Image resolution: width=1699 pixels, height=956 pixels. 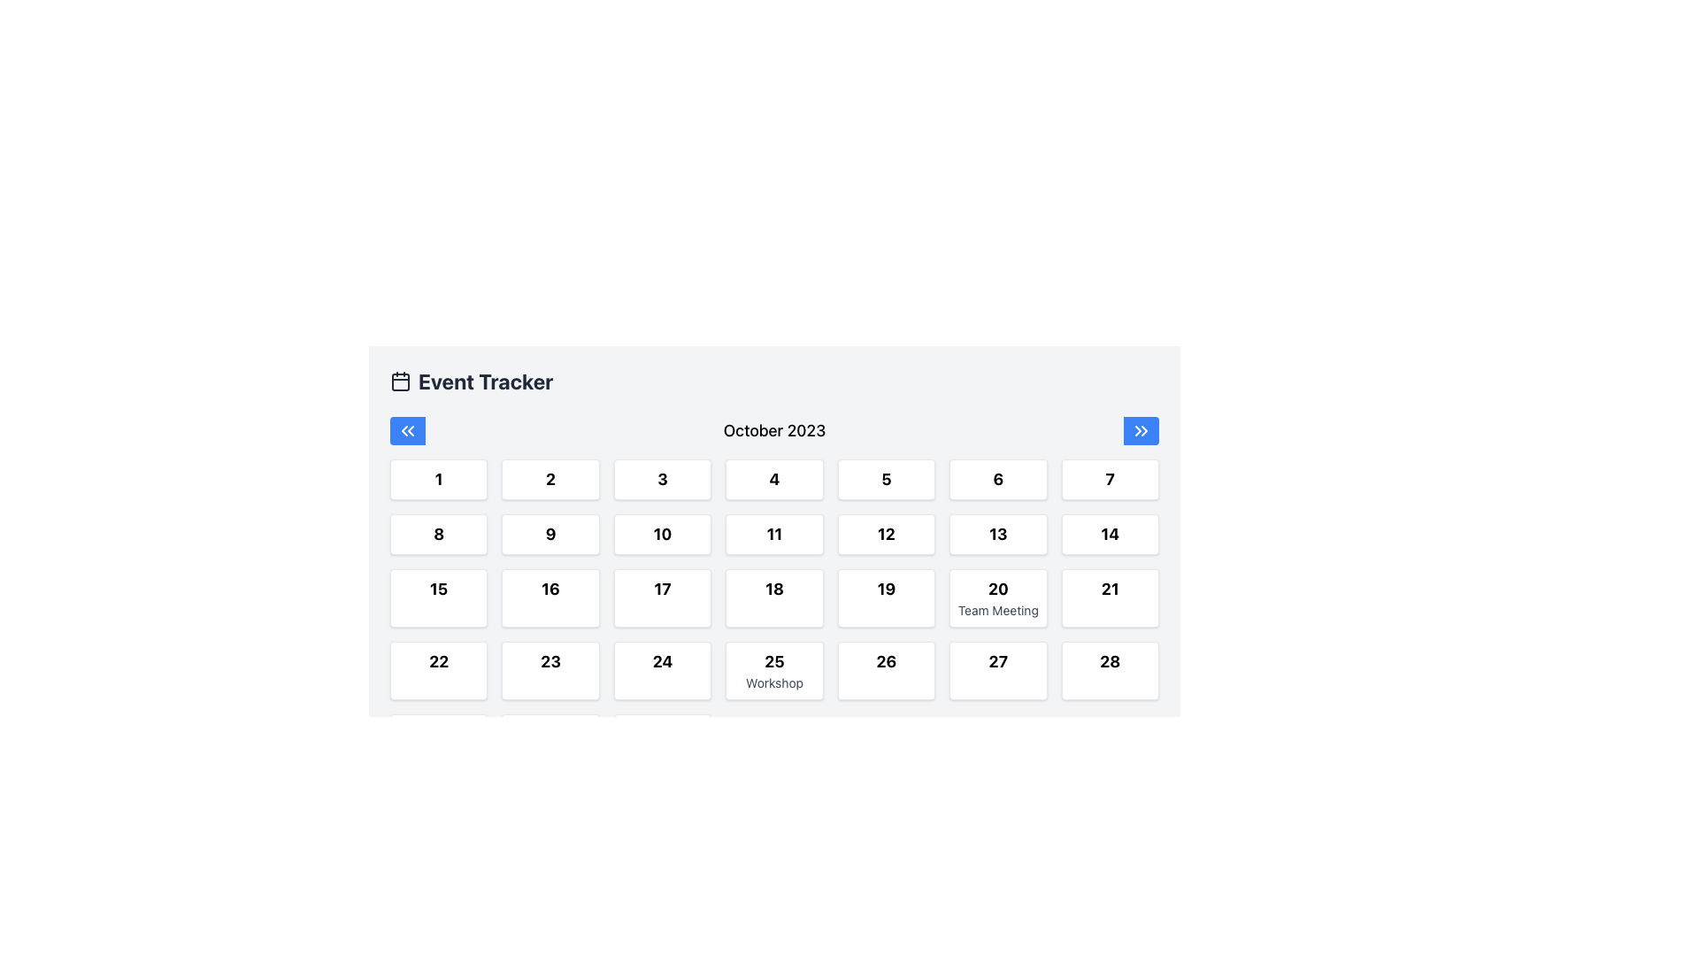 What do you see at coordinates (550, 597) in the screenshot?
I see `the calendar date cell displaying the number '16'` at bounding box center [550, 597].